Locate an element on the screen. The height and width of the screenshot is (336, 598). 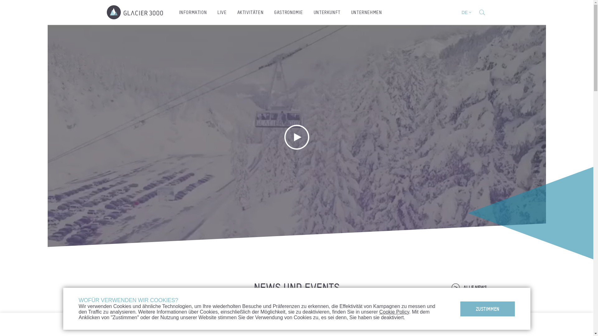
'GASTRONOMIE' is located at coordinates (288, 12).